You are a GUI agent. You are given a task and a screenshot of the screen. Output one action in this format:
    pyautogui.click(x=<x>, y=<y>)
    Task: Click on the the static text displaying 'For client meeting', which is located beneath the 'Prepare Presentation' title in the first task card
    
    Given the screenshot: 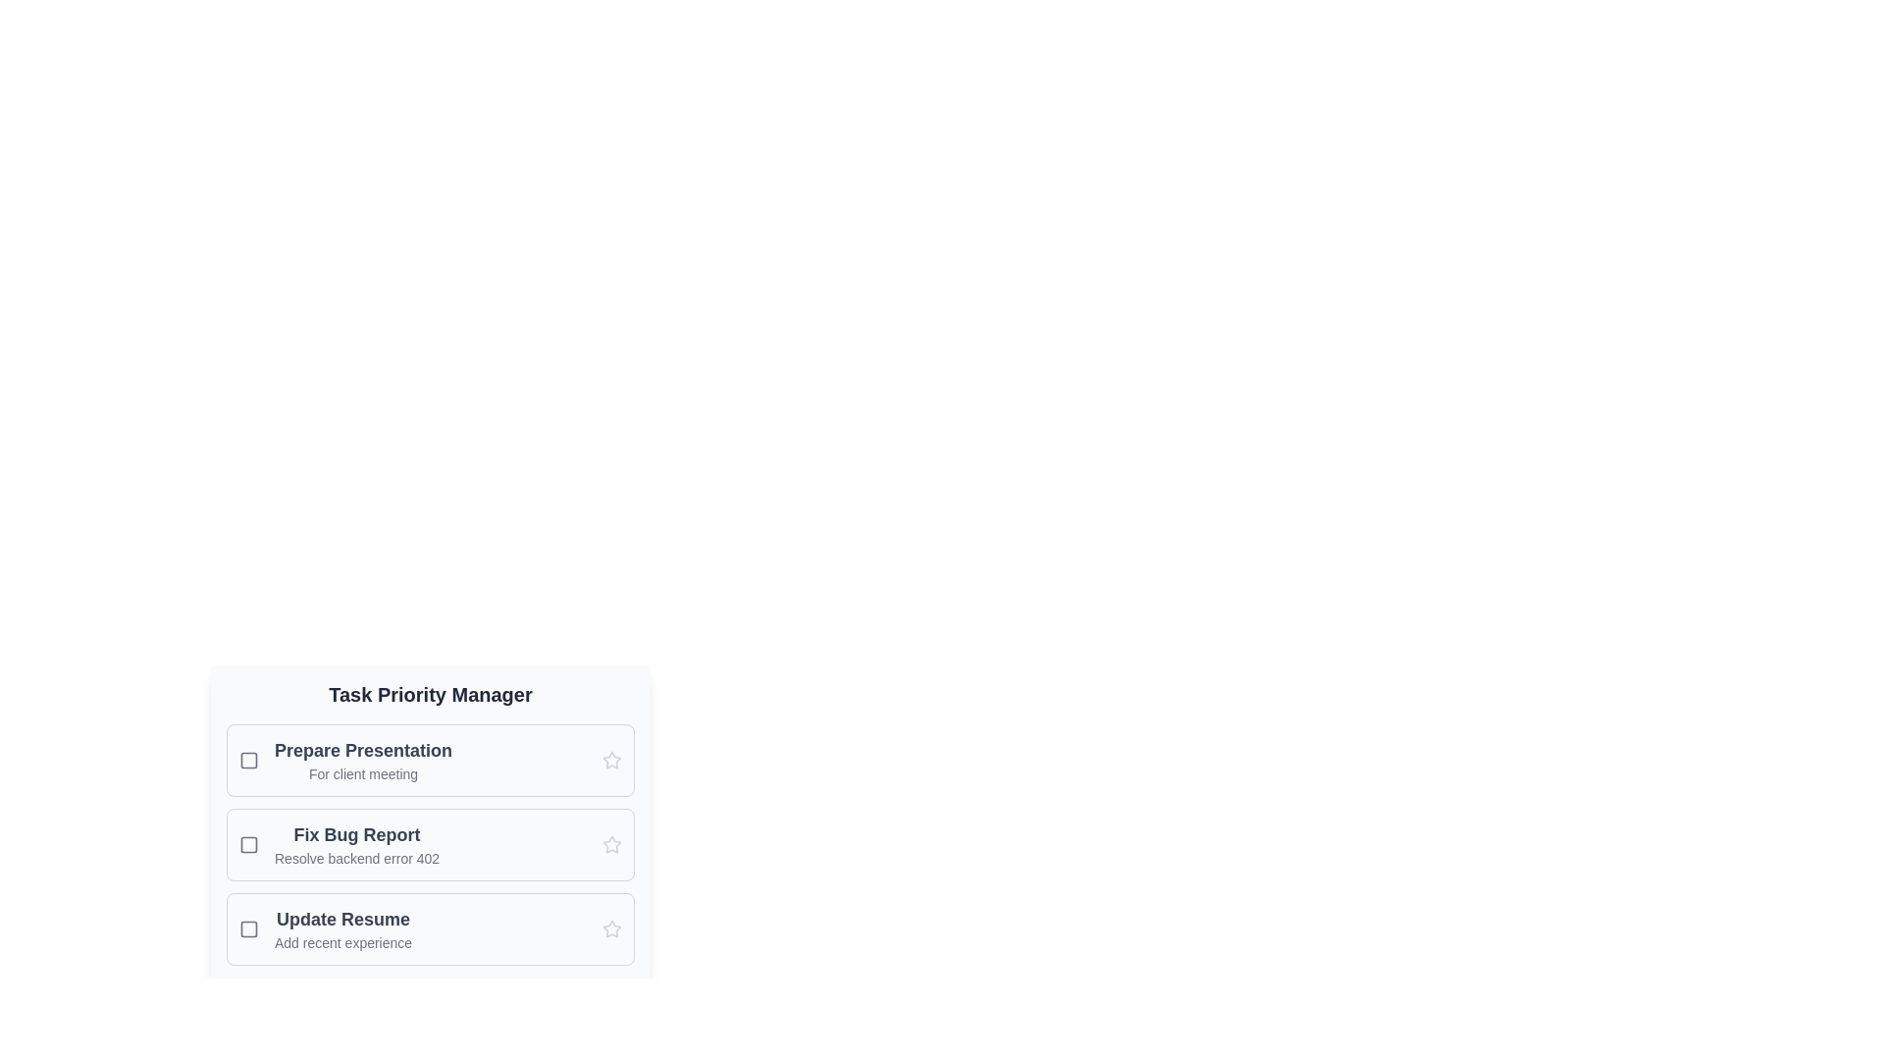 What is the action you would take?
    pyautogui.click(x=363, y=773)
    